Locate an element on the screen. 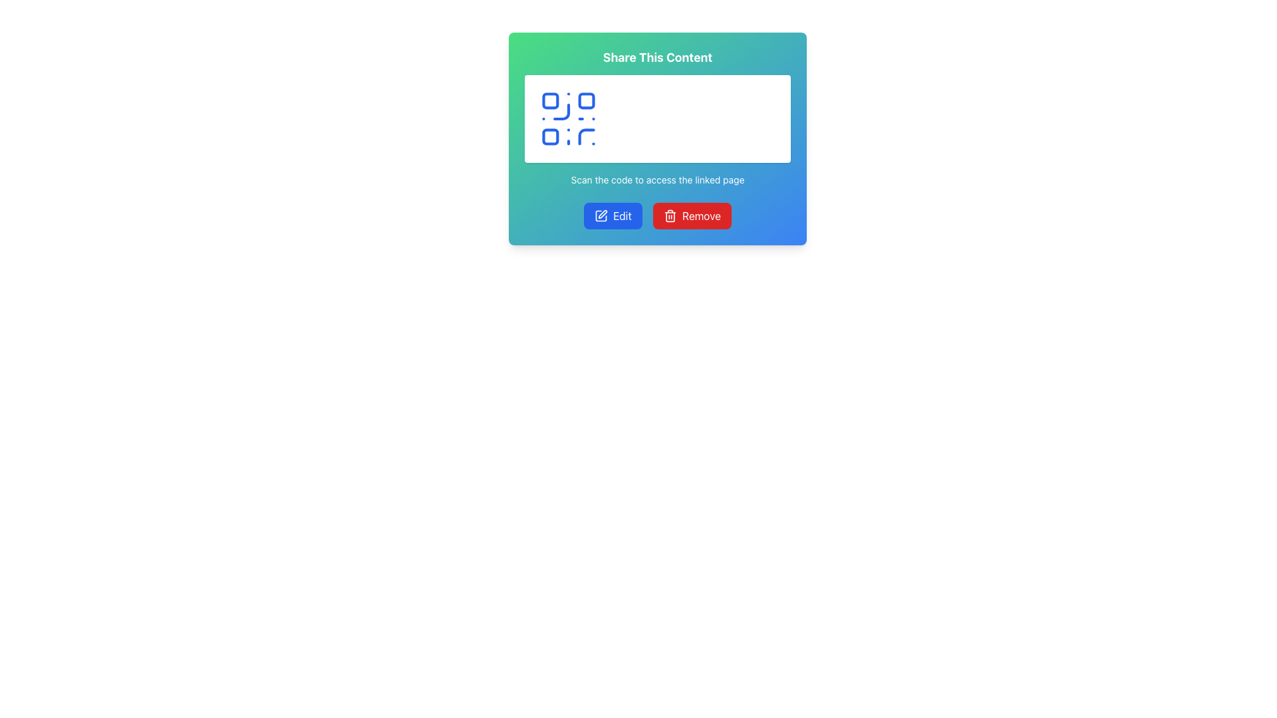 The image size is (1277, 718). QR code displayed in the composite UI component titled 'Share This Content' by scanning it is located at coordinates (657, 117).